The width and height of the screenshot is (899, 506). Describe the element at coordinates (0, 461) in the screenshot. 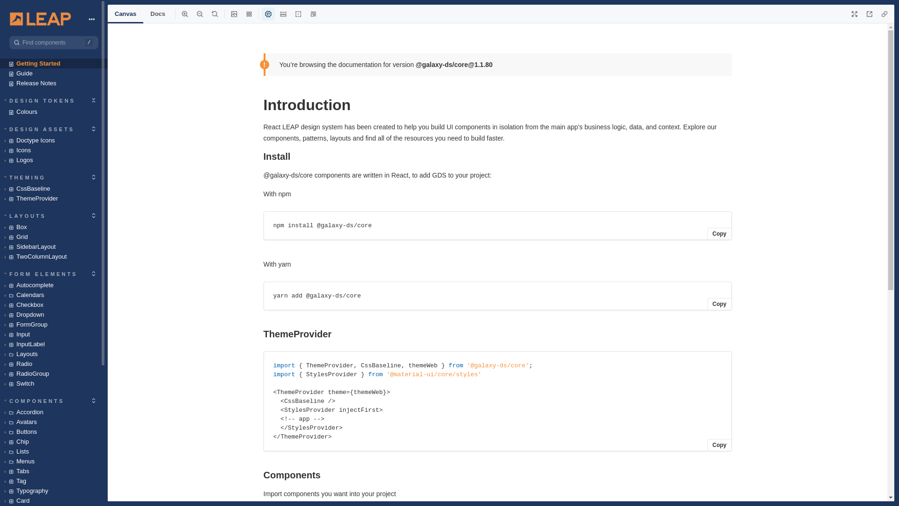

I see `'Menus'` at that location.